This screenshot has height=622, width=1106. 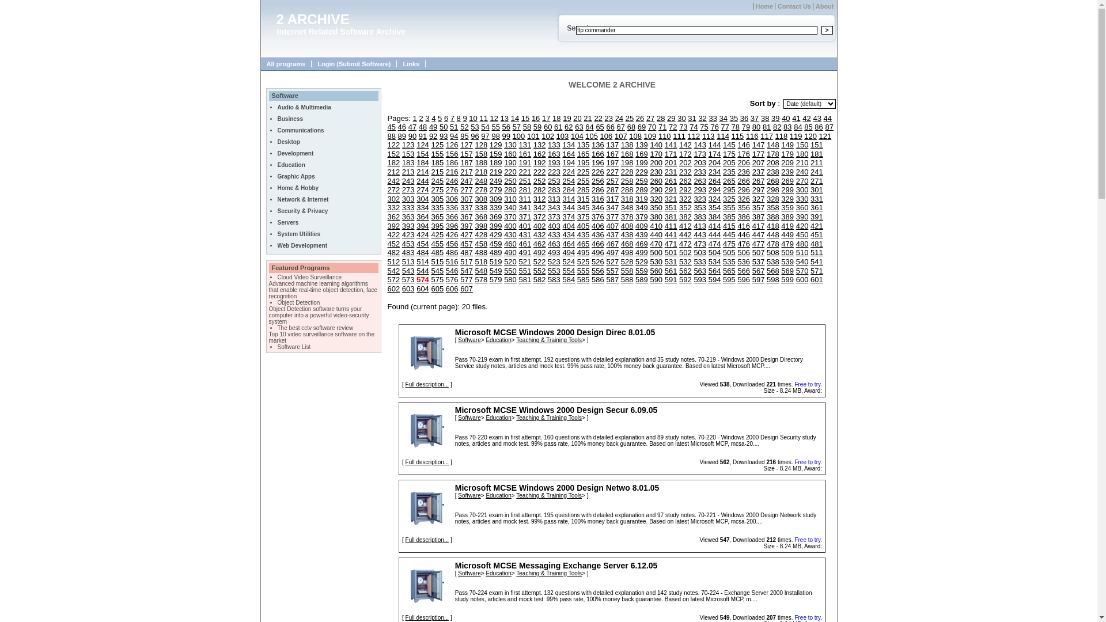 What do you see at coordinates (277, 211) in the screenshot?
I see `'Security & Privacy'` at bounding box center [277, 211].